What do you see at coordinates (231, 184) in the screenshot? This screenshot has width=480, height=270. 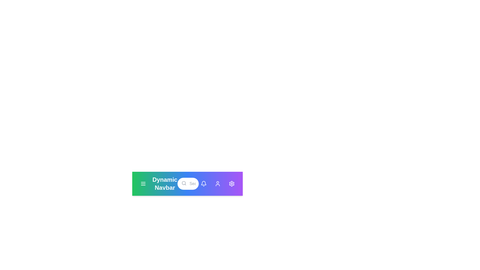 I see `the user options button corresponding to settings` at bounding box center [231, 184].